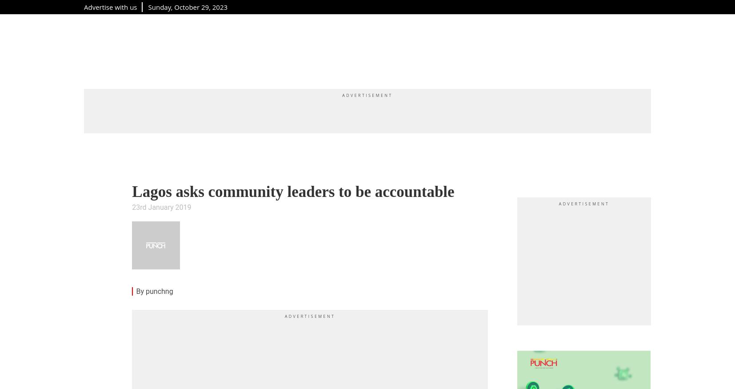 This screenshot has height=389, width=735. What do you see at coordinates (304, 375) in the screenshot?
I see `'Nigerians can now decide if they want salaries in Naira or Dollars, you can earn as much as $10,000 (₦10.2million) monthly. Click'` at bounding box center [304, 375].